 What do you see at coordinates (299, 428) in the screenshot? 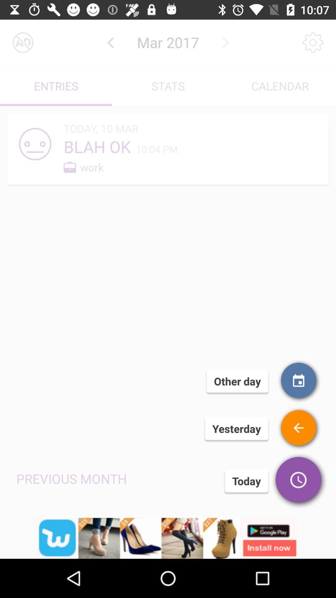
I see `review` at bounding box center [299, 428].